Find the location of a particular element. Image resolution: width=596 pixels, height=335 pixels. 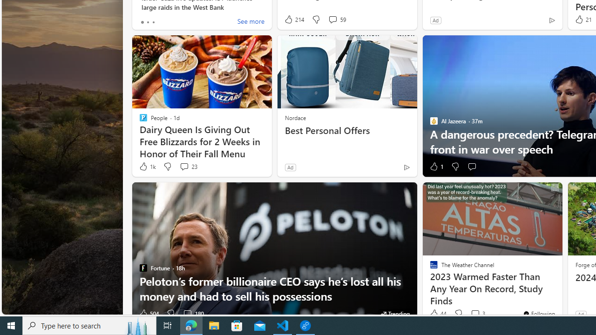

'View comments 23 Comment' is located at coordinates (188, 166).